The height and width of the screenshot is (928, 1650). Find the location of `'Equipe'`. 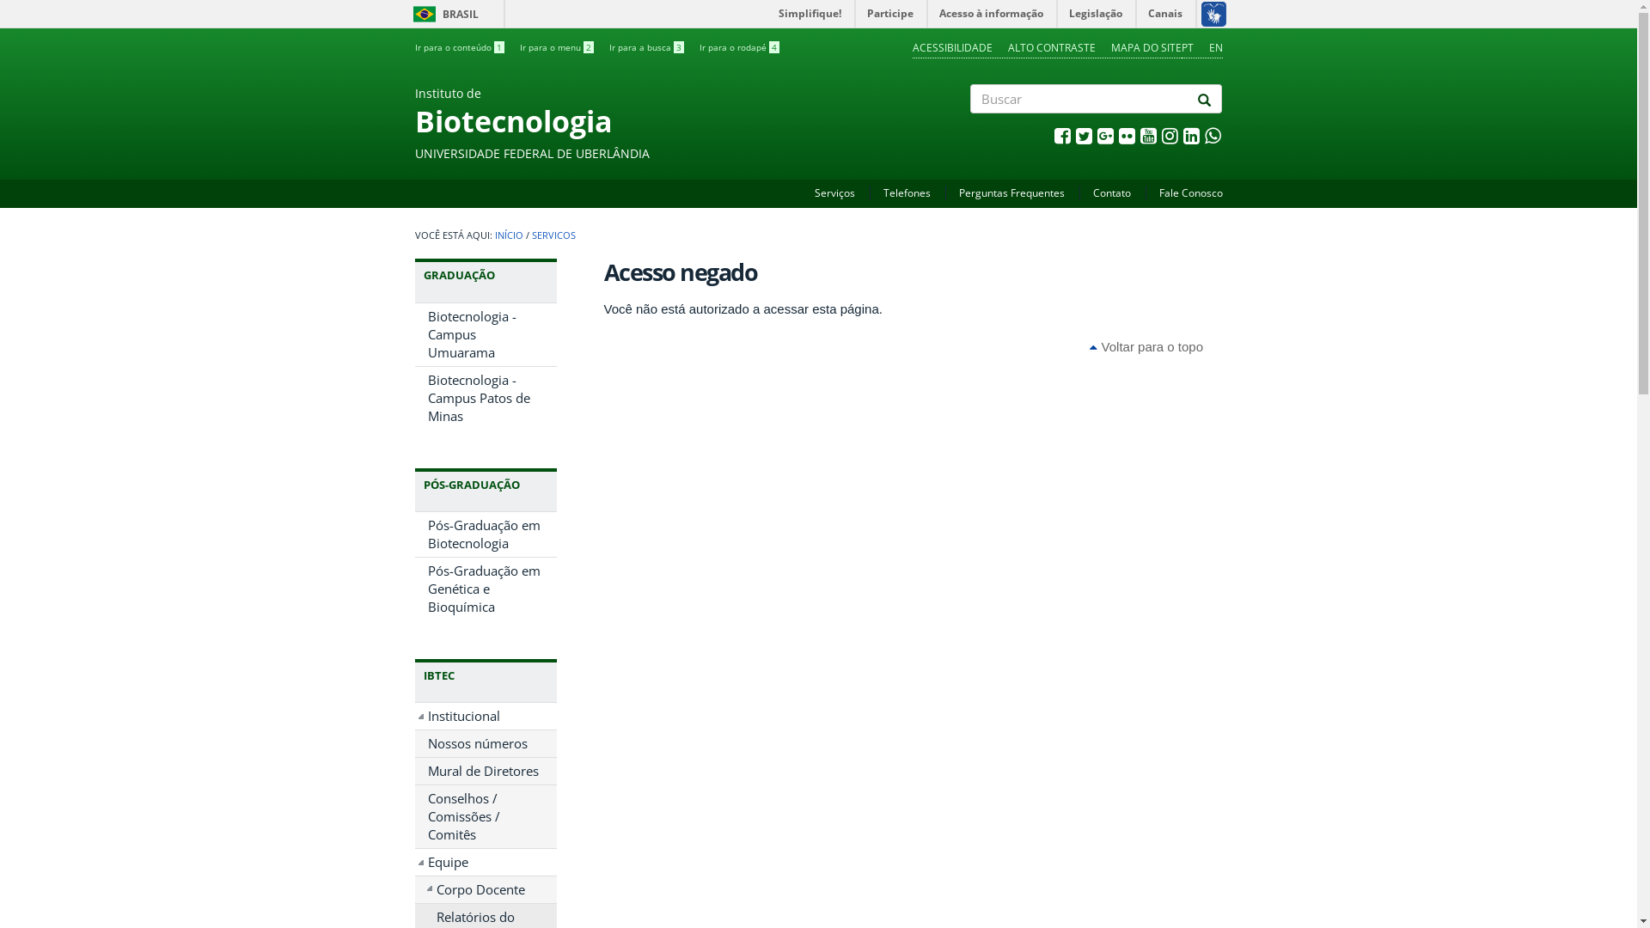

'Equipe' is located at coordinates (484, 862).